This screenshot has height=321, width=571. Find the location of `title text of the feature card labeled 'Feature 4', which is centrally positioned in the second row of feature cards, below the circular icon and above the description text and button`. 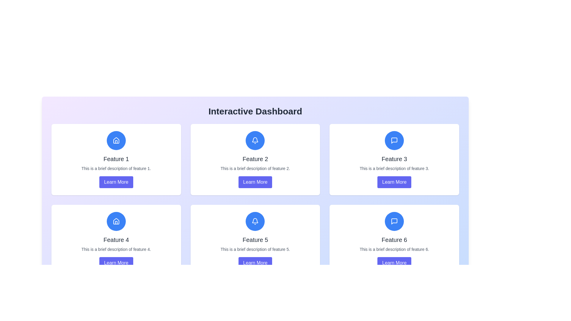

title text of the feature card labeled 'Feature 4', which is centrally positioned in the second row of feature cards, below the circular icon and above the description text and button is located at coordinates (116, 239).